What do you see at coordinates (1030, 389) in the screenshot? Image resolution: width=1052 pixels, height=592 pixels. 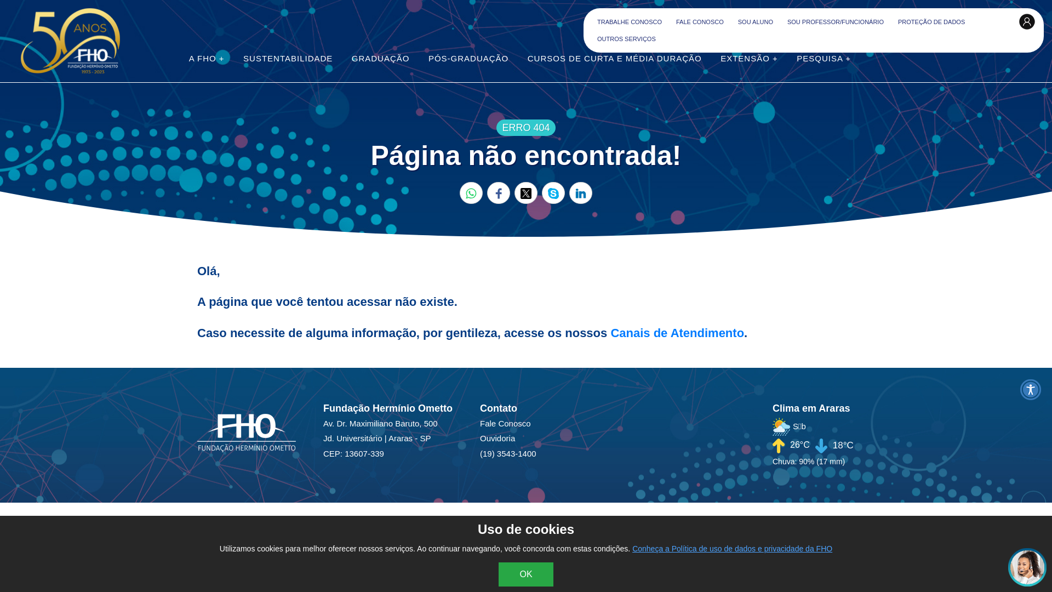 I see `'Menu Acessibilidade'` at bounding box center [1030, 389].